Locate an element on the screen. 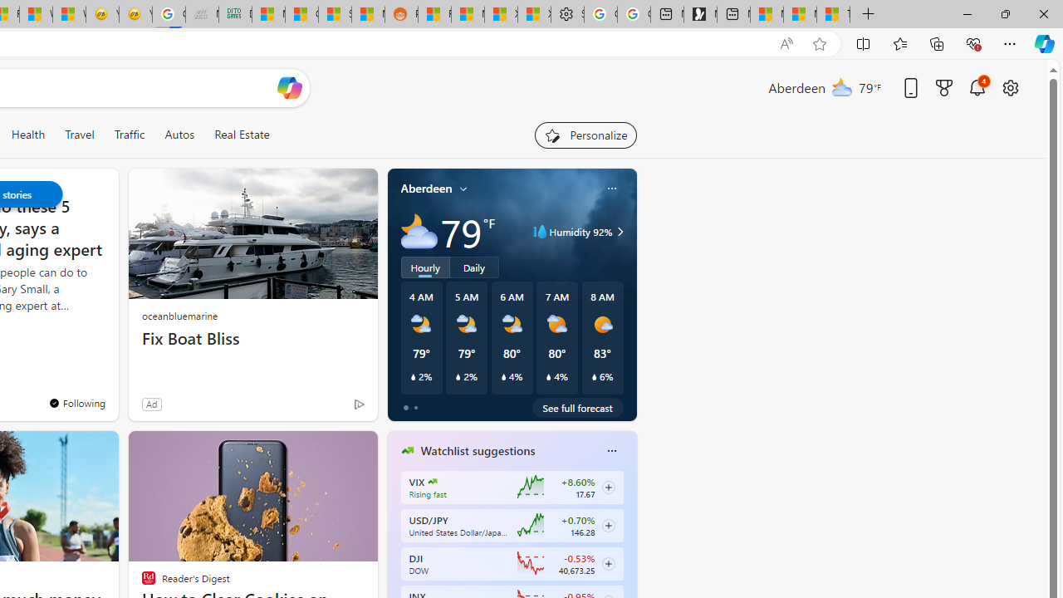  'You' is located at coordinates (76, 403).